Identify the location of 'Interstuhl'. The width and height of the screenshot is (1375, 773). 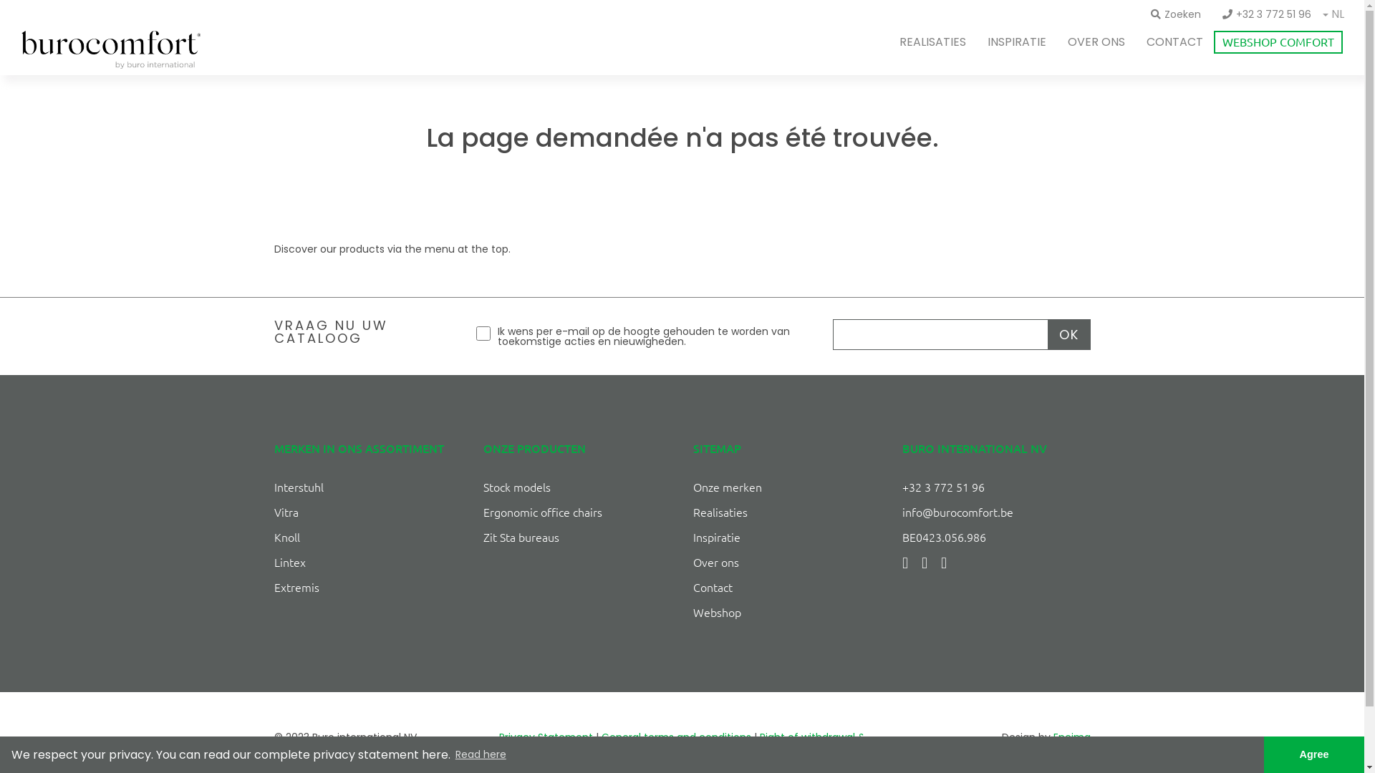
(297, 485).